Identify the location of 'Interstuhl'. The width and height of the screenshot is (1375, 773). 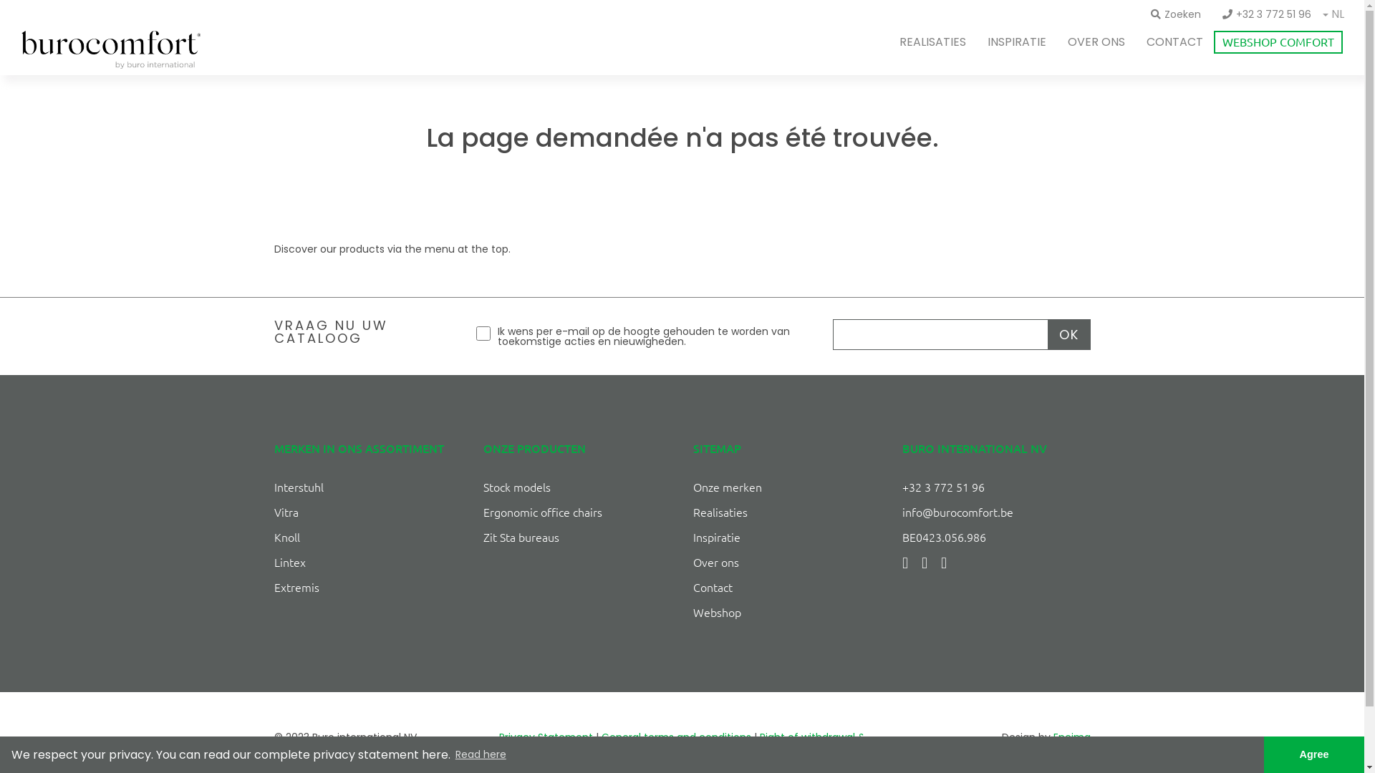
(297, 485).